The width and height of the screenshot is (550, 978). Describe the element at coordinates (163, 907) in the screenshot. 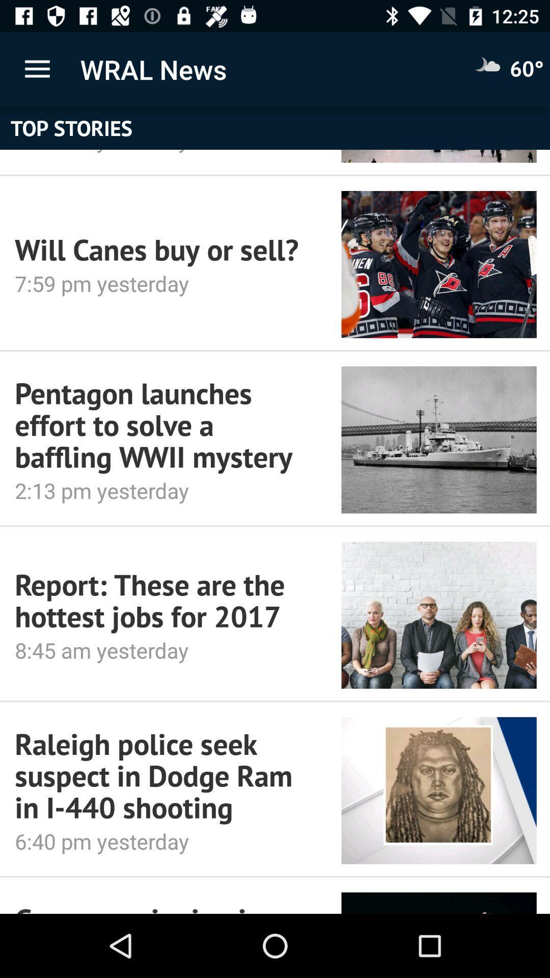

I see `the grammy winning jazz icon` at that location.